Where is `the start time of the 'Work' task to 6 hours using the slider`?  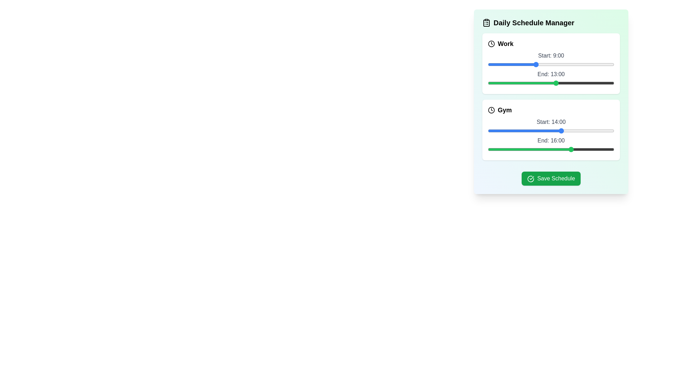 the start time of the 'Work' task to 6 hours using the slider is located at coordinates (519, 65).